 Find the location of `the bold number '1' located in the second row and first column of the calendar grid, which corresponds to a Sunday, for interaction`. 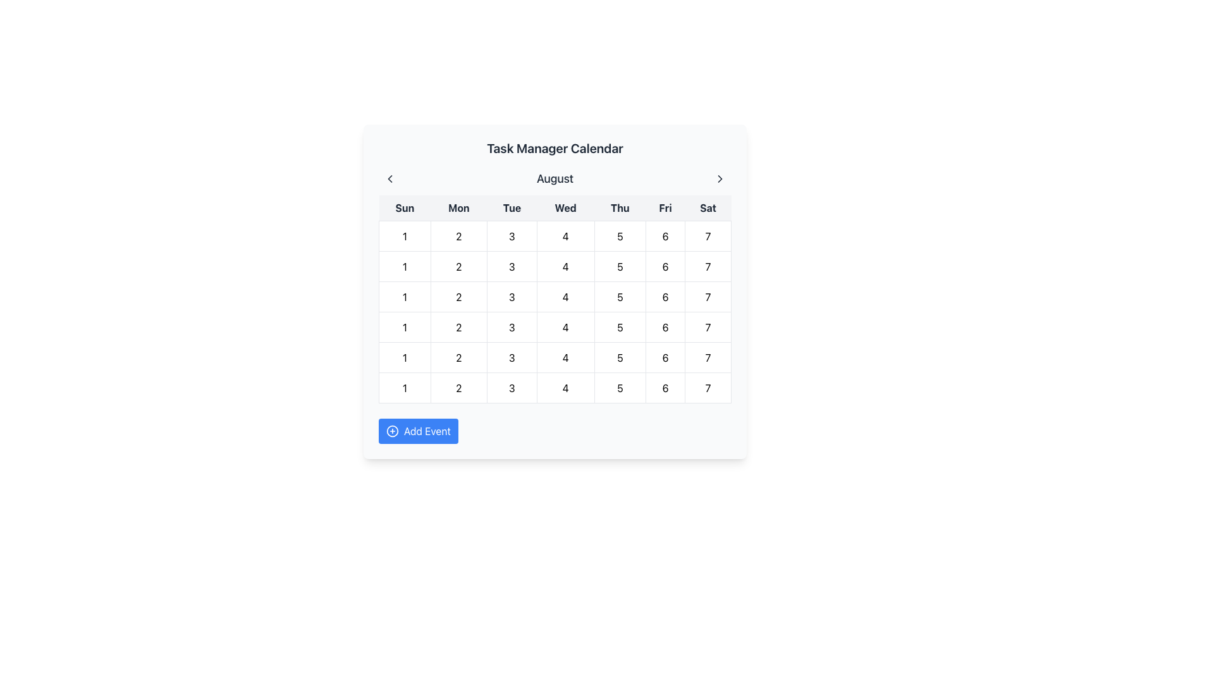

the bold number '1' located in the second row and first column of the calendar grid, which corresponds to a Sunday, for interaction is located at coordinates (405, 326).